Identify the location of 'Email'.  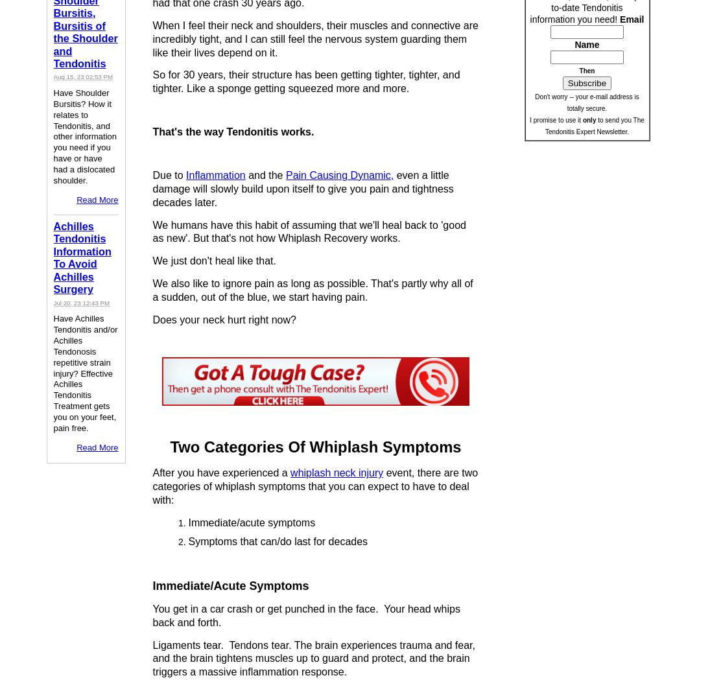
(632, 19).